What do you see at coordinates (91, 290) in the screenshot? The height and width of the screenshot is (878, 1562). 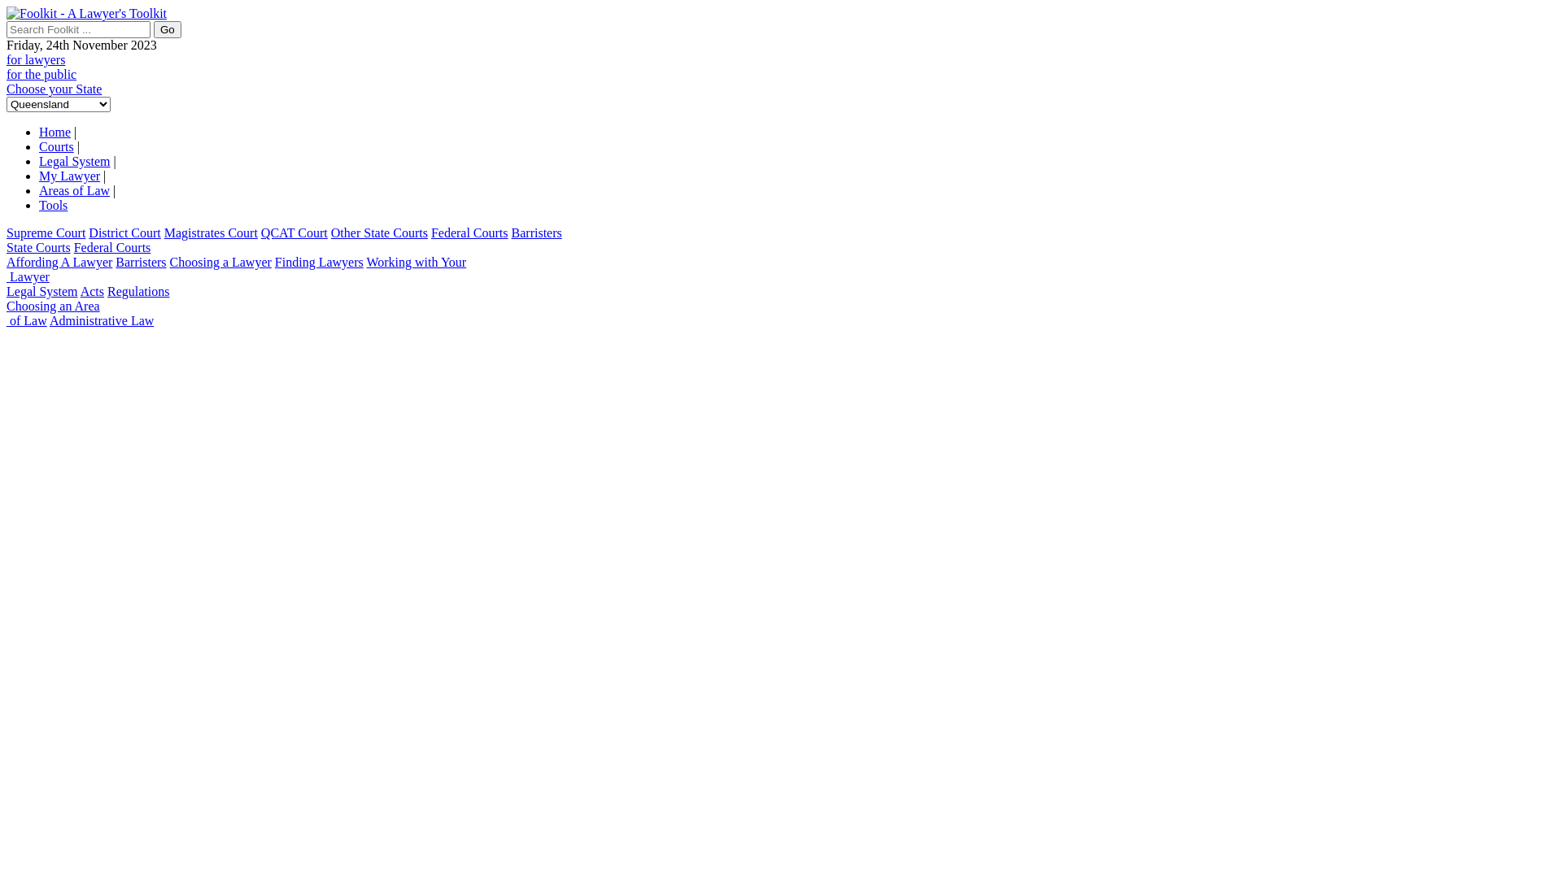 I see `'Acts'` at bounding box center [91, 290].